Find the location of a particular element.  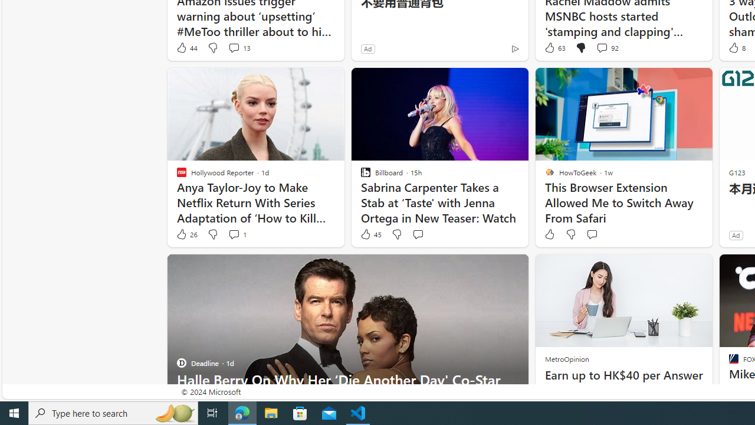

'View comments 92 Comment' is located at coordinates (607, 47).